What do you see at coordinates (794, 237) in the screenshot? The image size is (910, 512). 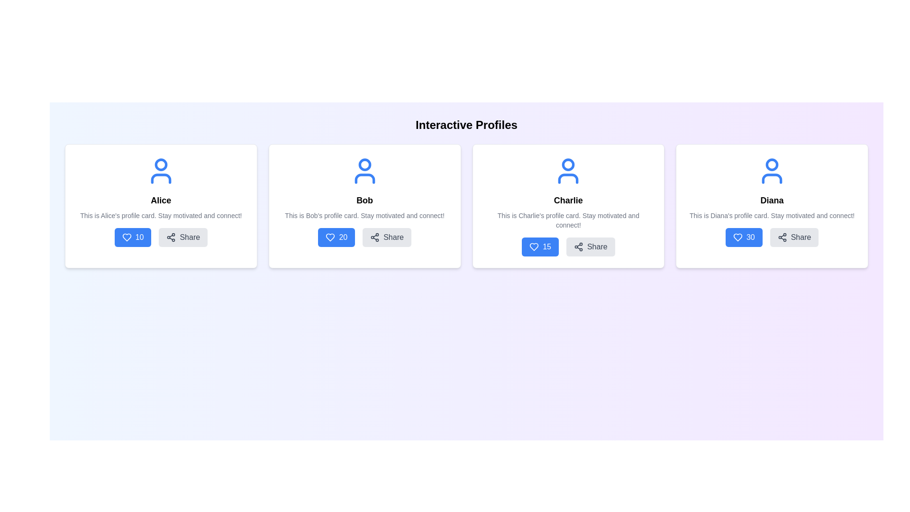 I see `the 'Share' button with a gray background and rounded corners located below the text '30' in the fourth profile card to share the profile` at bounding box center [794, 237].